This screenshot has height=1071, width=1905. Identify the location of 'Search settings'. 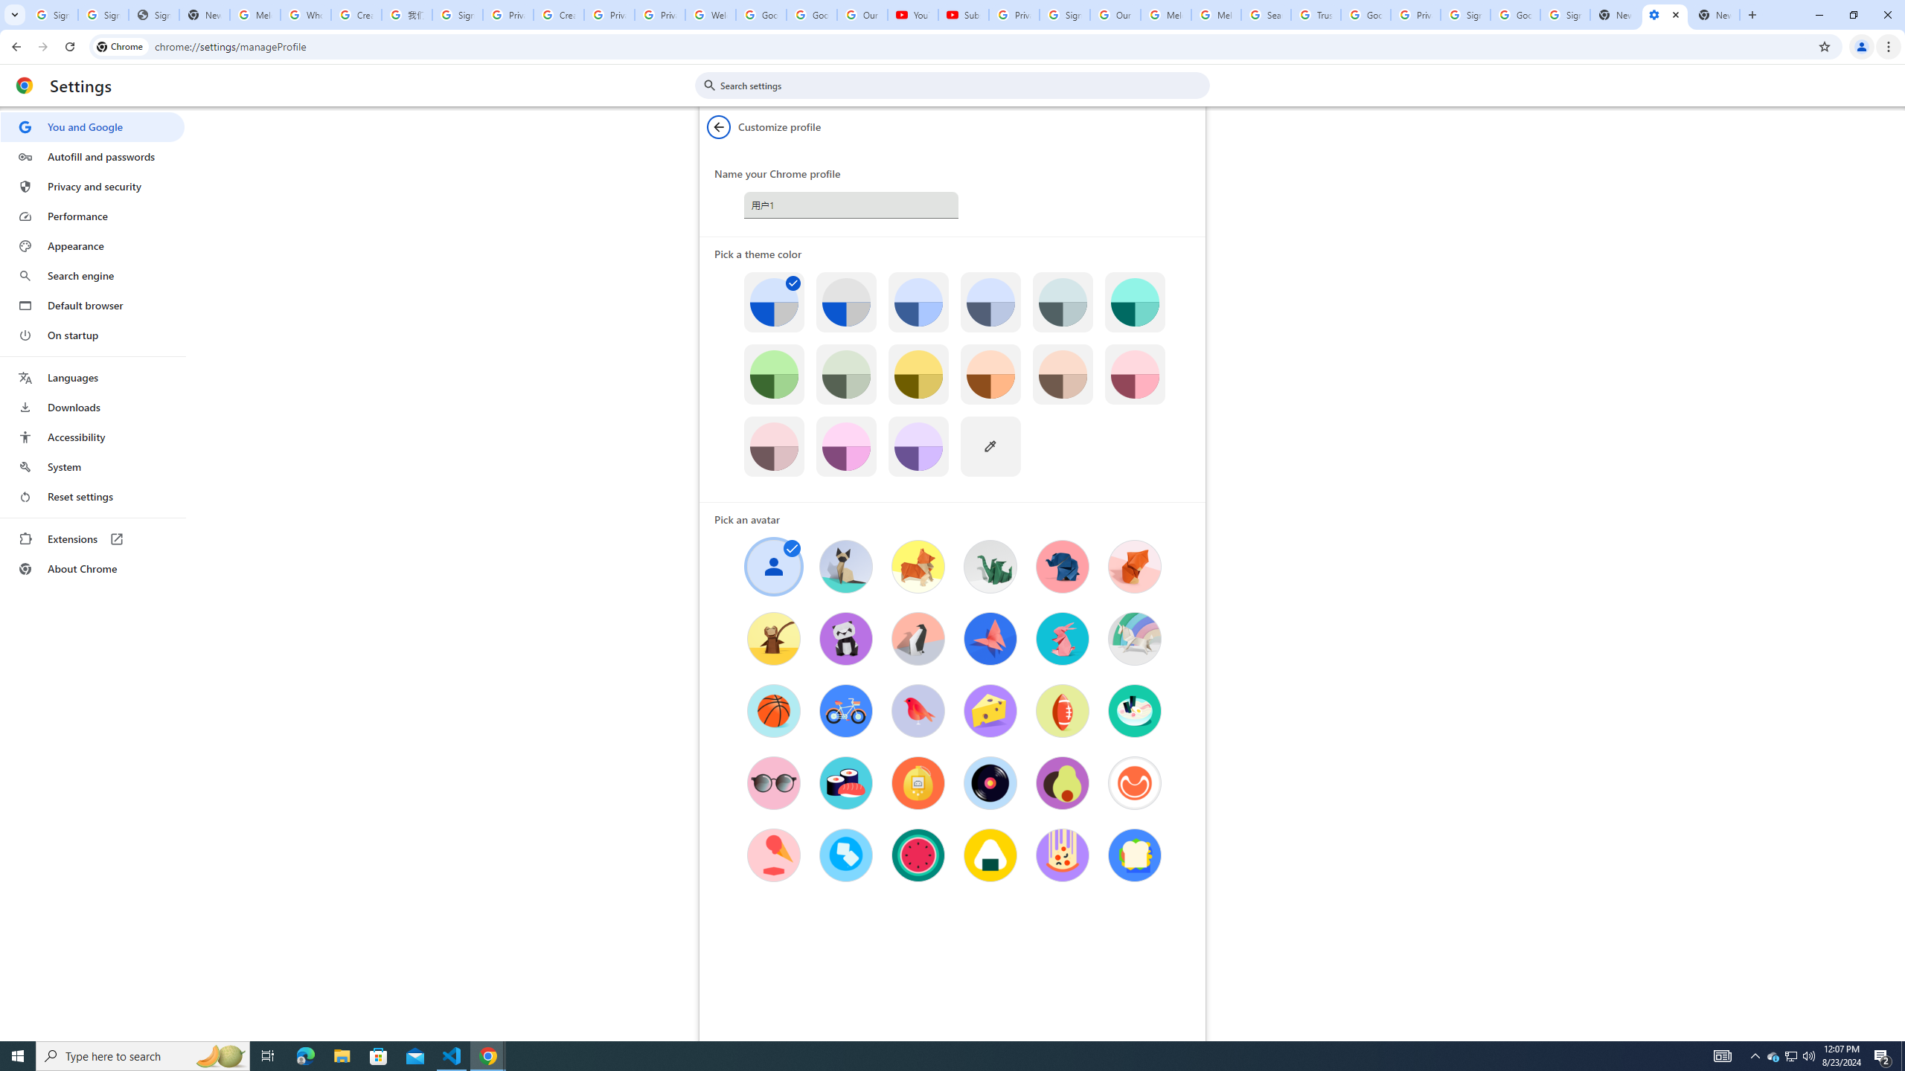
(962, 85).